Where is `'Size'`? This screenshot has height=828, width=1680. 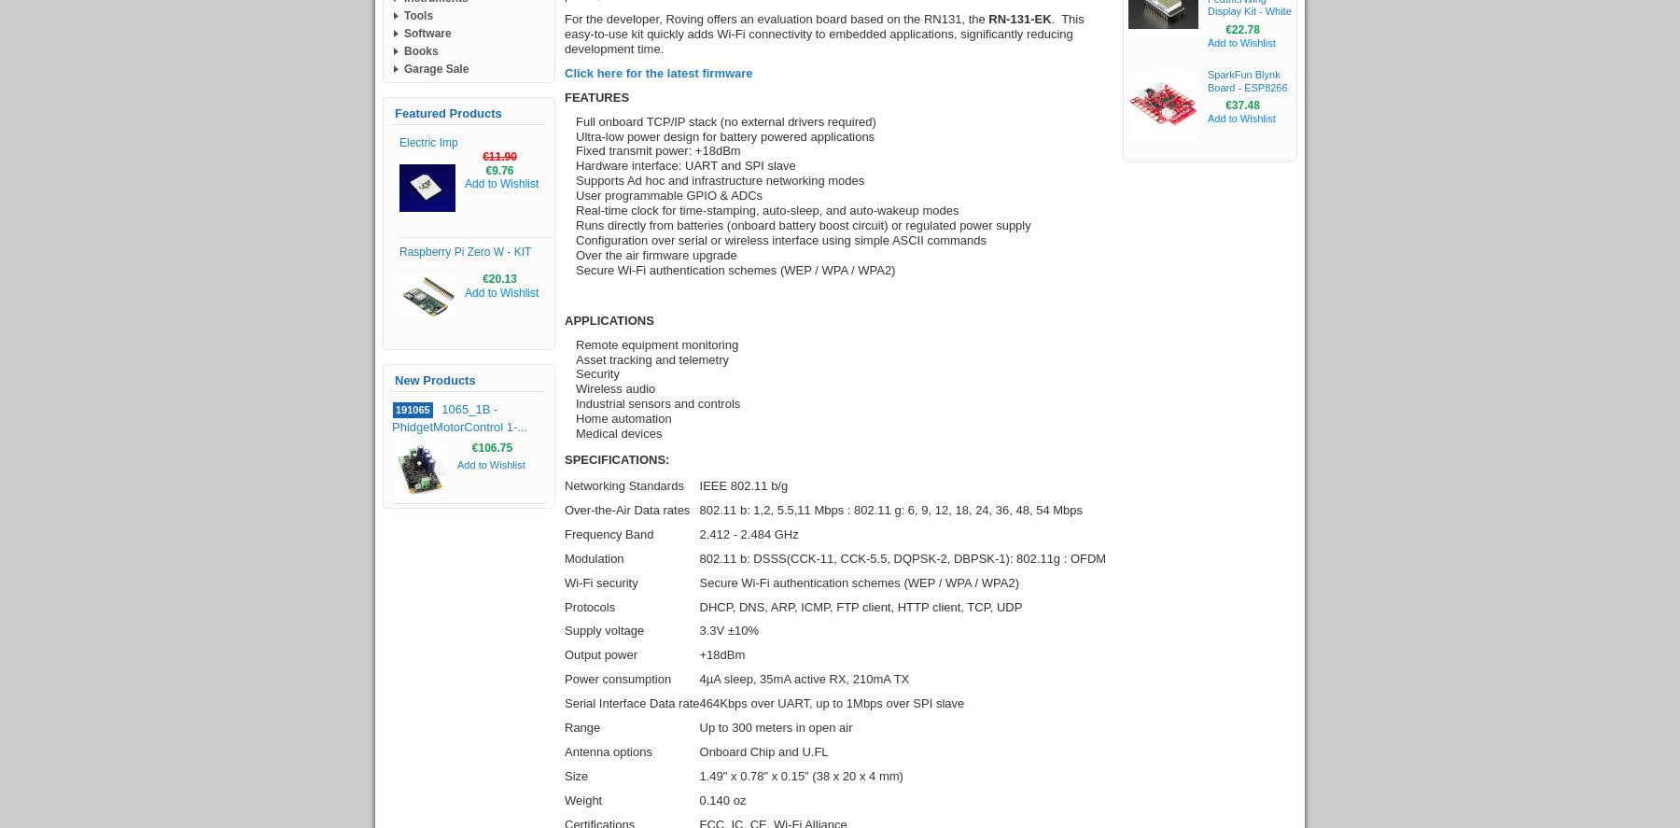 'Size' is located at coordinates (576, 776).